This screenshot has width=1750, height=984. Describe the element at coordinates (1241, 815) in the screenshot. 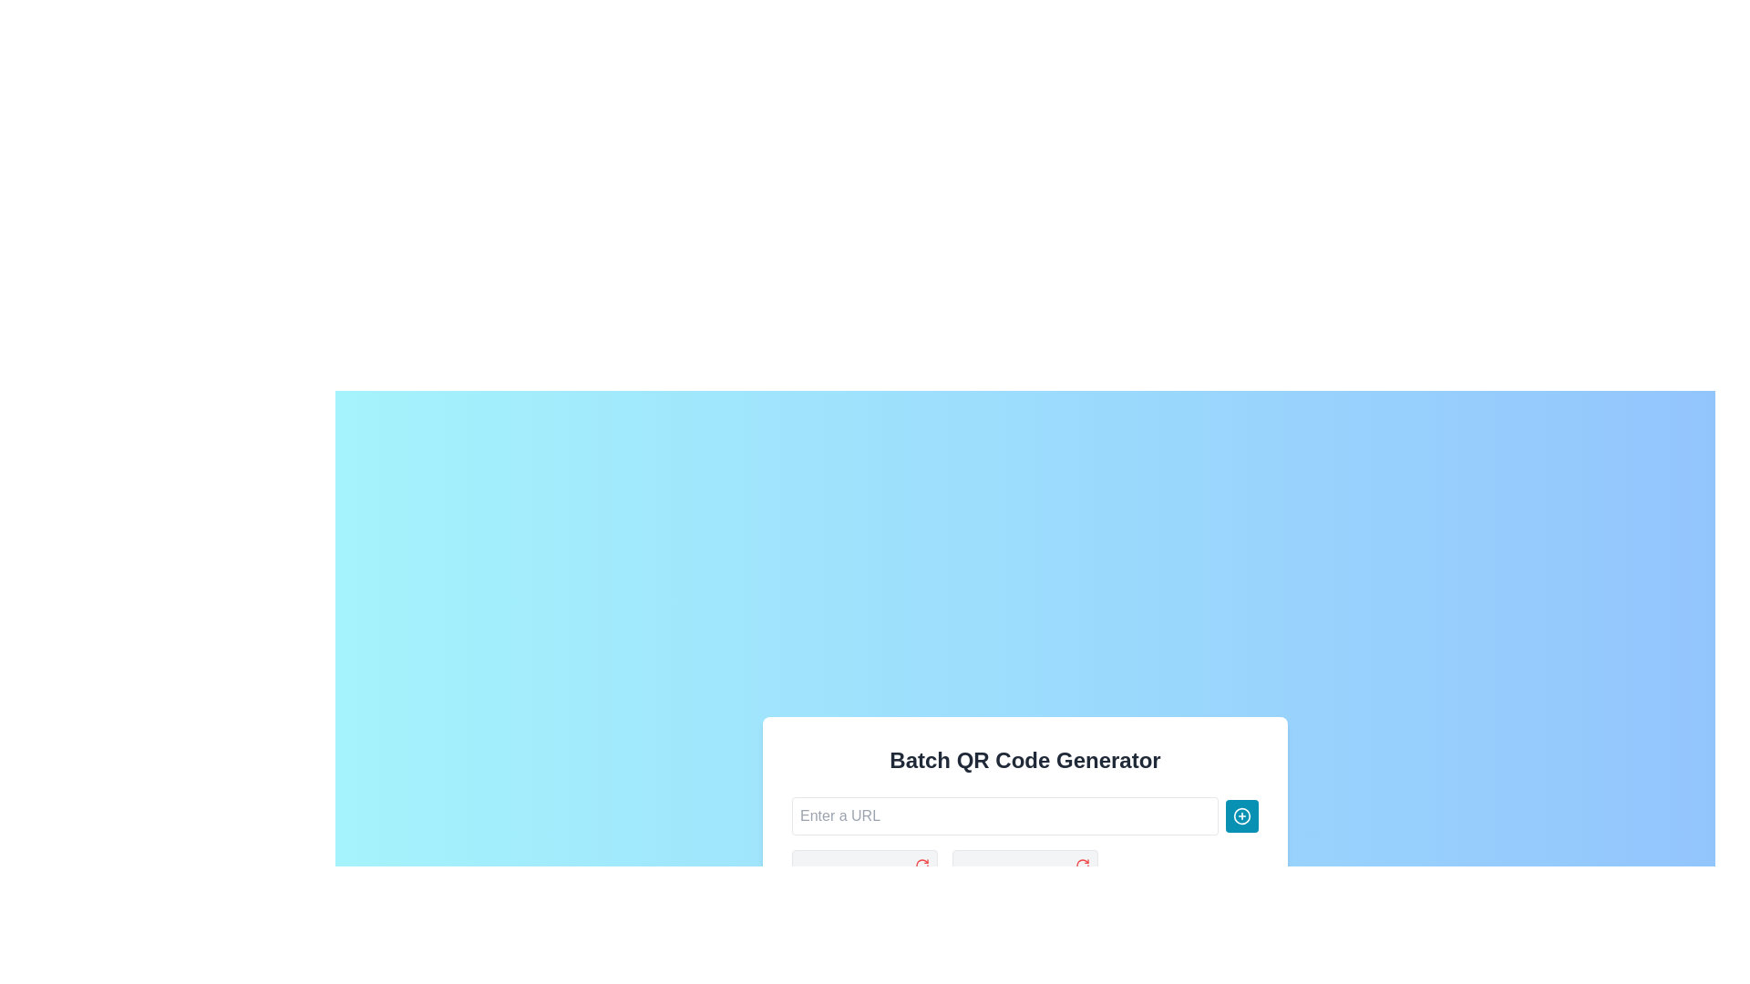

I see `the '+' icon enclosed in a circular button with a cyan background located in the top-right corner of the QR code generation section` at that location.